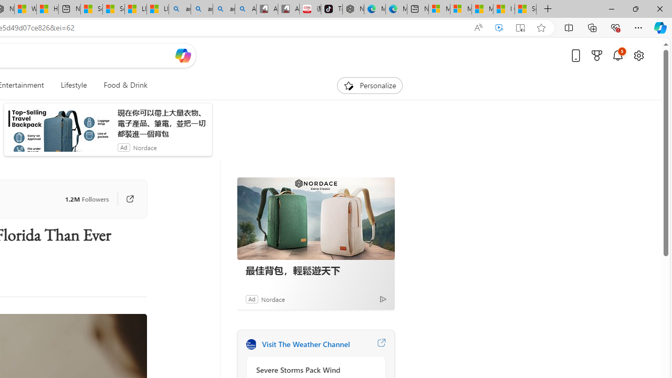 This screenshot has width=672, height=378. What do you see at coordinates (381, 344) in the screenshot?
I see `'Visit The Weather Channel website'` at bounding box center [381, 344].